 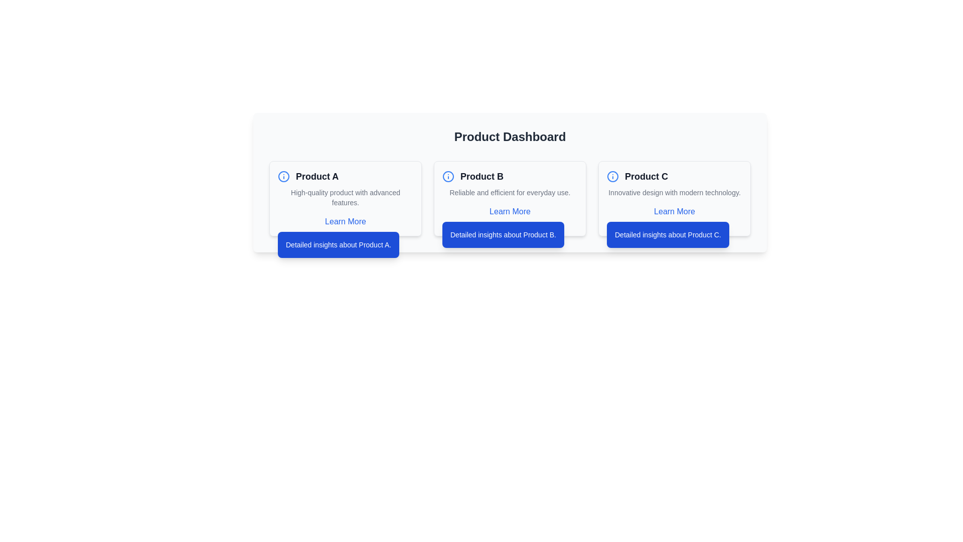 What do you see at coordinates (674, 193) in the screenshot?
I see `descriptive text located below the title 'Product C' and above the 'Learn More' button, providing information about Product C's innovative design and technological integration` at bounding box center [674, 193].